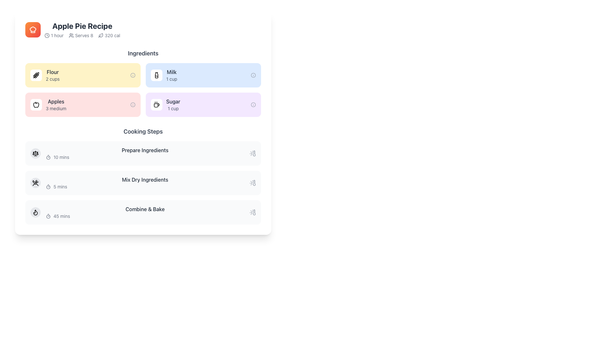  What do you see at coordinates (143, 131) in the screenshot?
I see `text 'Cooking Steps' from the section header displayed in bold and dark gray font, centrally located below the 'Ingredients' section` at bounding box center [143, 131].